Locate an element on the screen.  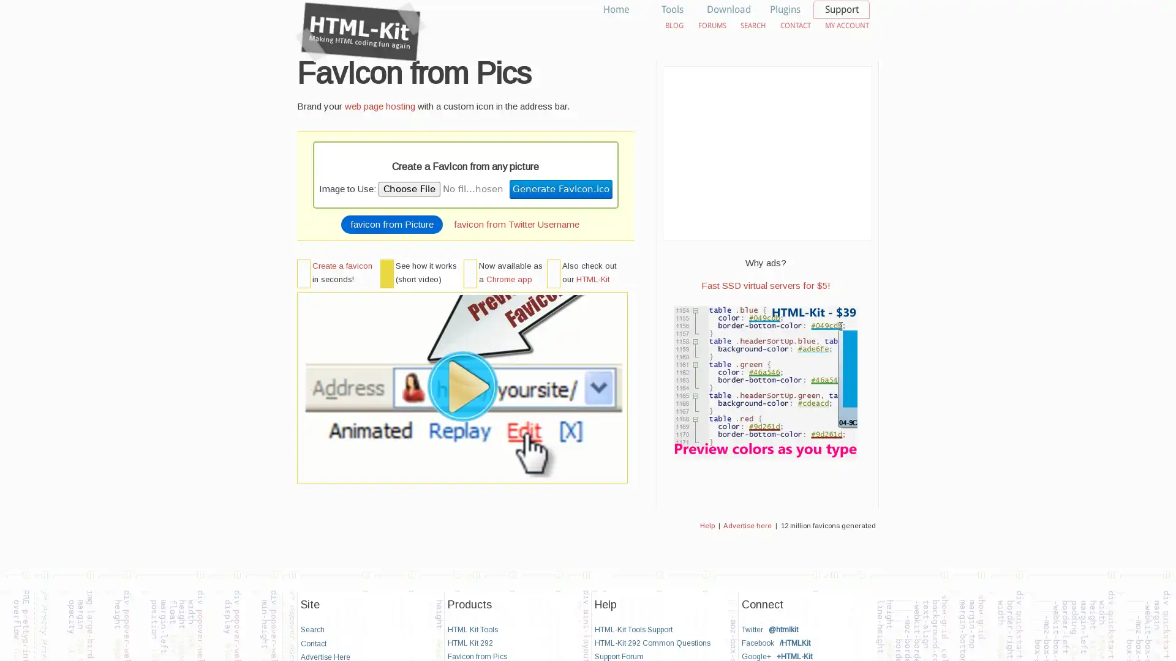
Choose File is located at coordinates (409, 189).